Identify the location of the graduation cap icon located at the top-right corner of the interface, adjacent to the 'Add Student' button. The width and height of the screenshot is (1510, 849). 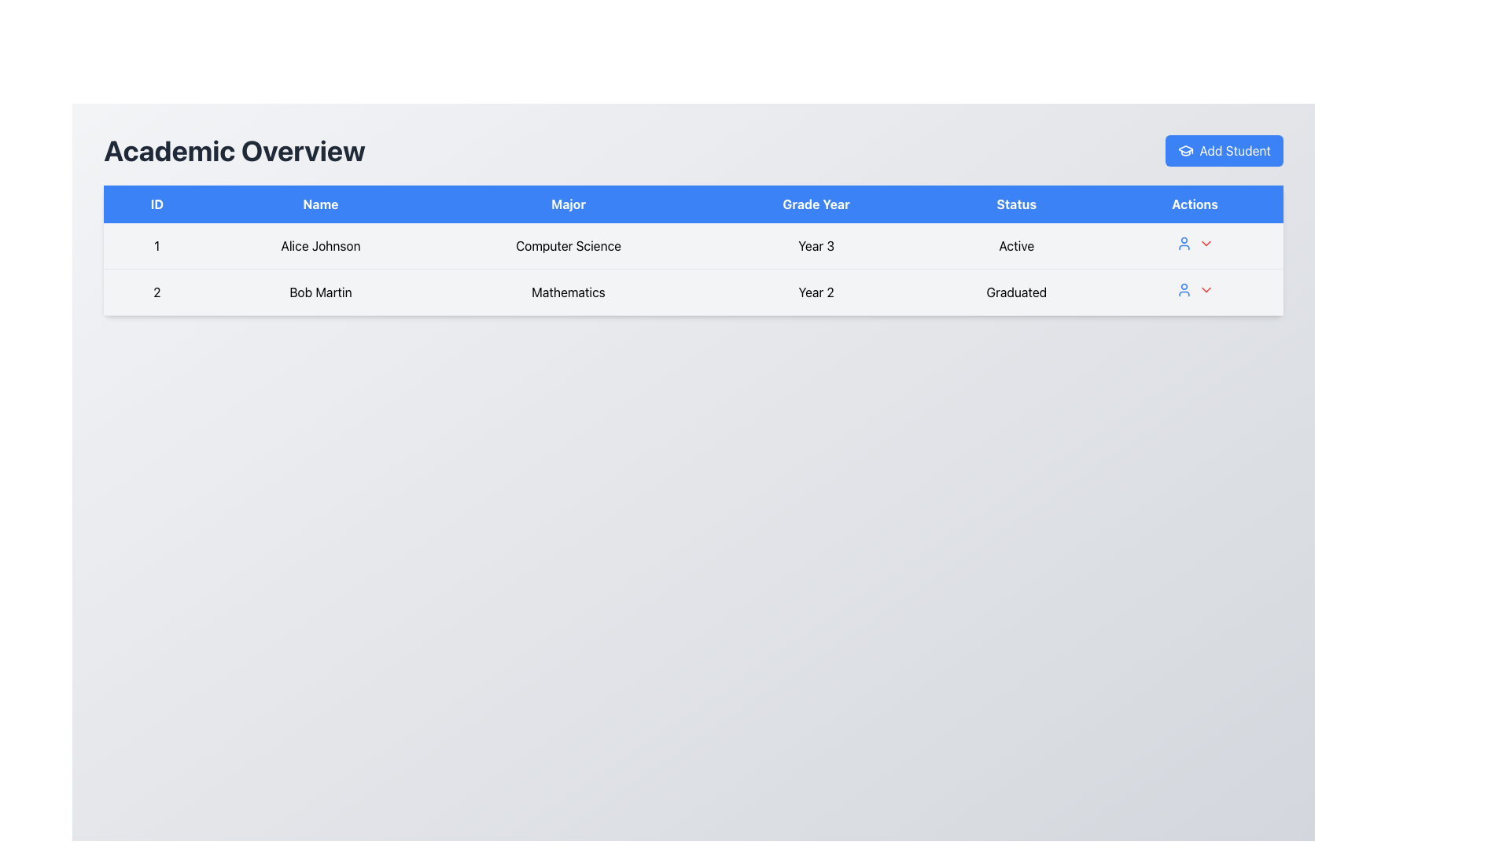
(1185, 149).